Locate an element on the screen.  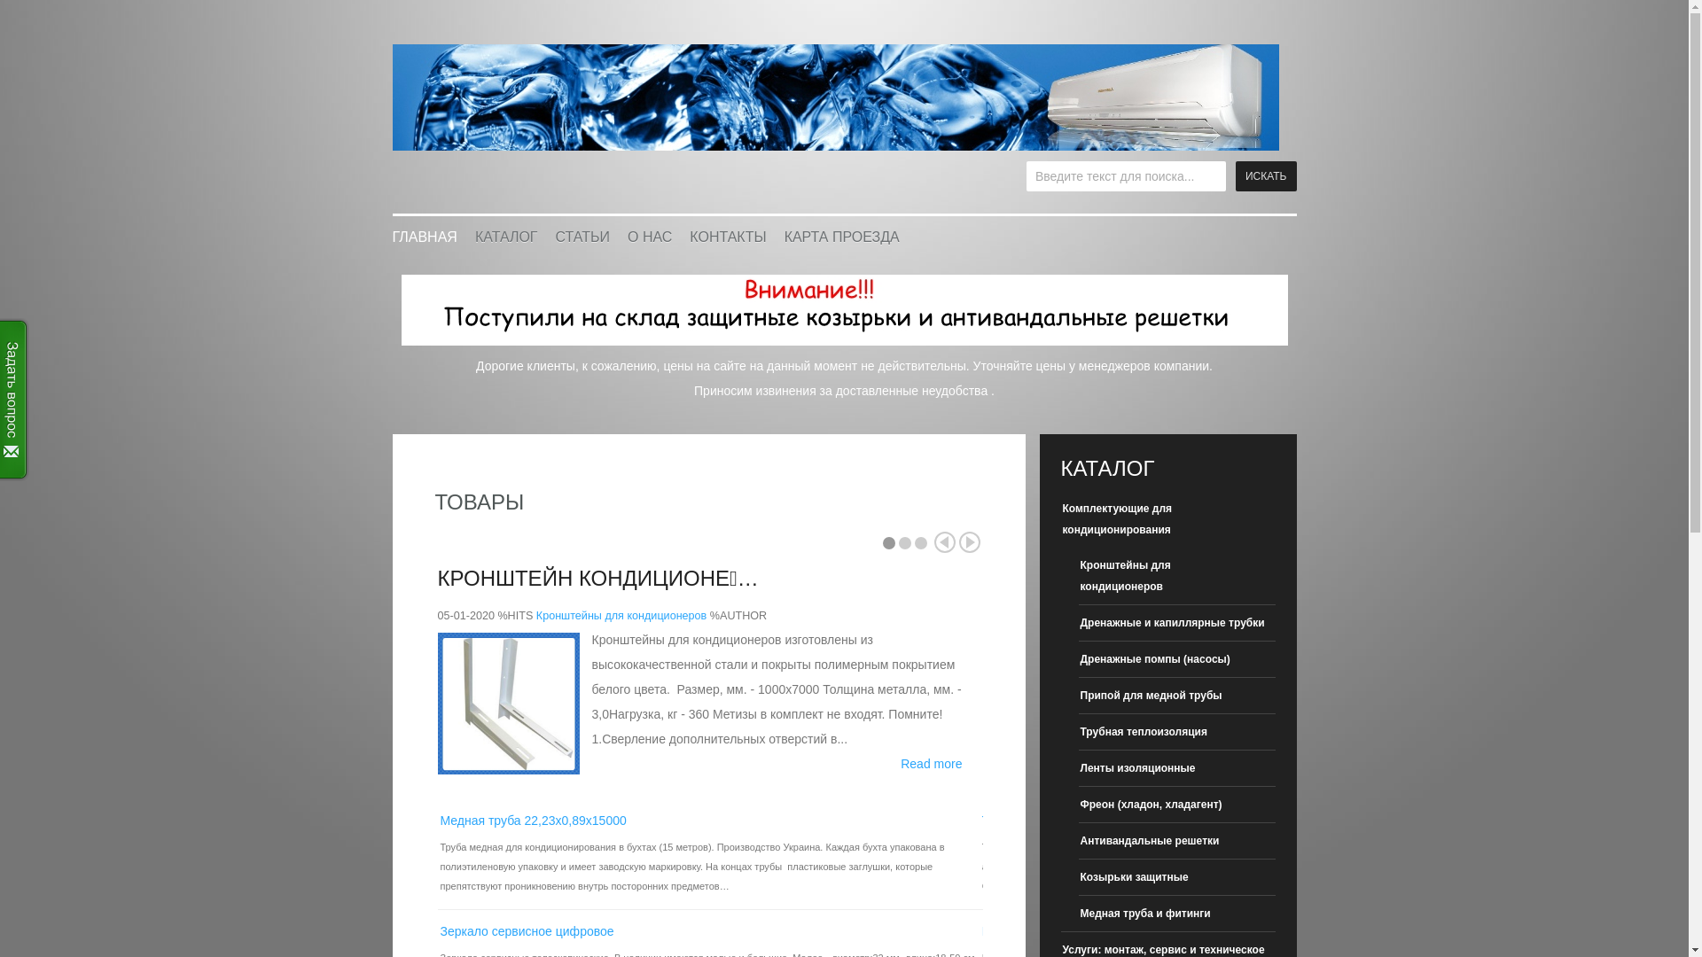
'2' is located at coordinates (905, 542).